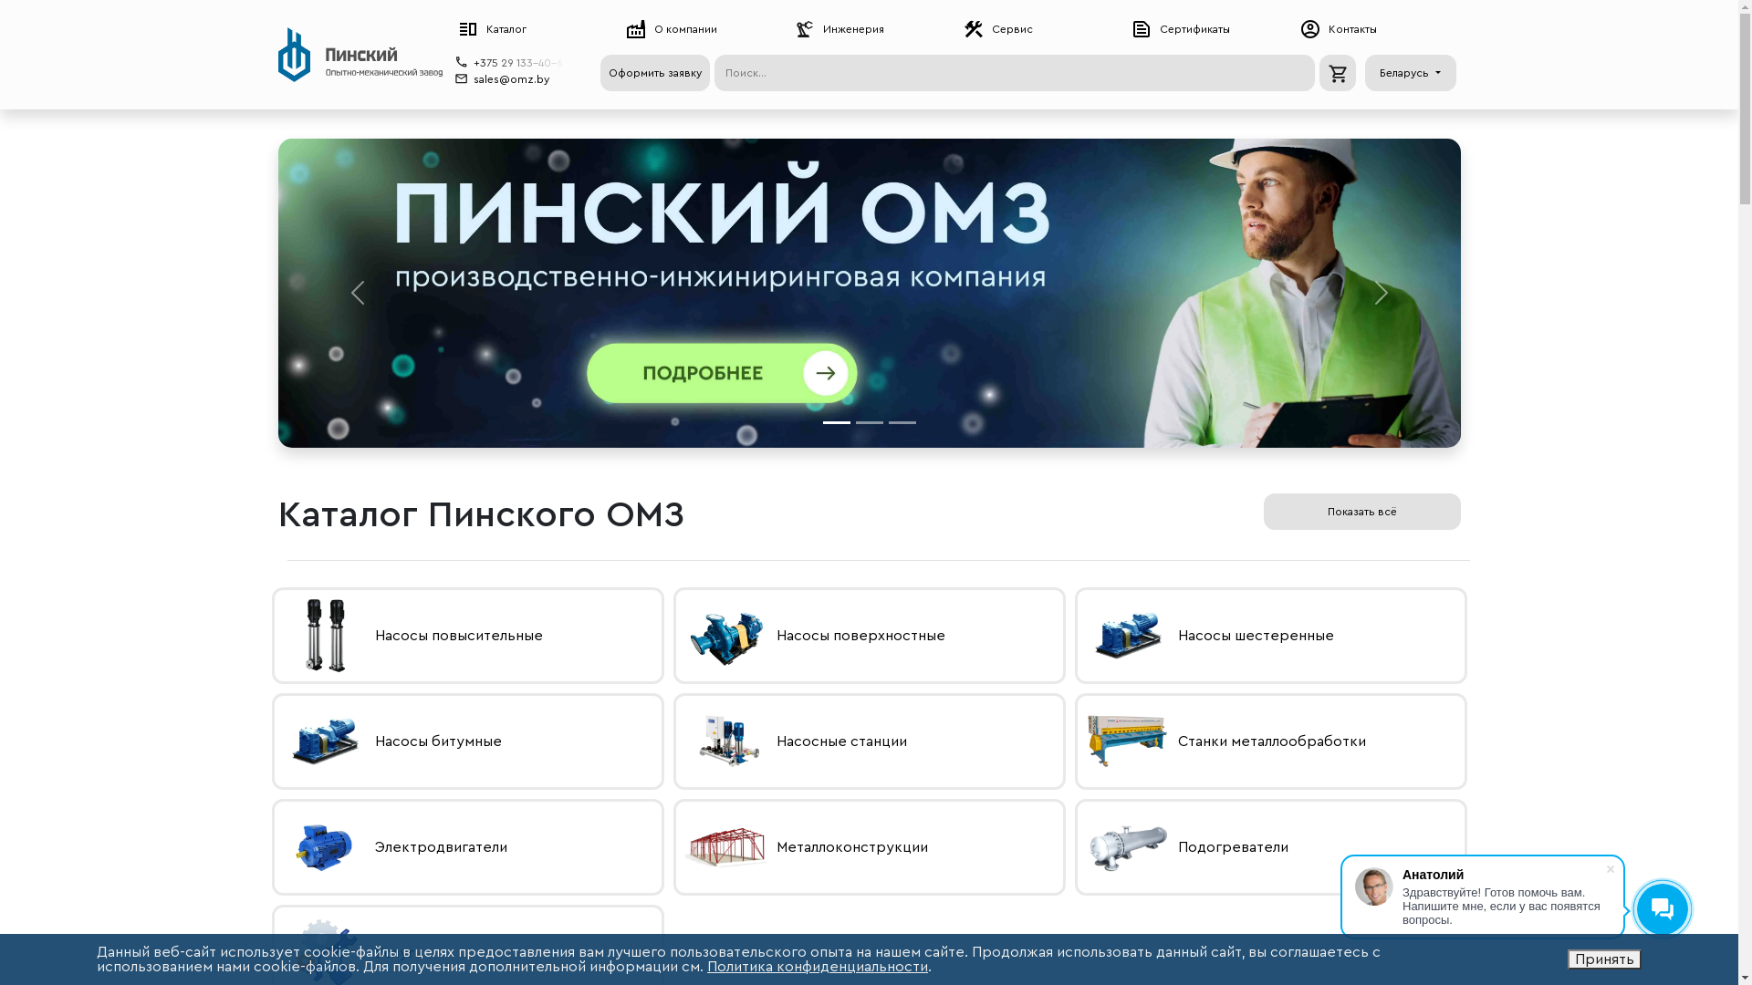 This screenshot has height=985, width=1752. What do you see at coordinates (473, 62) in the screenshot?
I see `'+375 29 133-40-6'` at bounding box center [473, 62].